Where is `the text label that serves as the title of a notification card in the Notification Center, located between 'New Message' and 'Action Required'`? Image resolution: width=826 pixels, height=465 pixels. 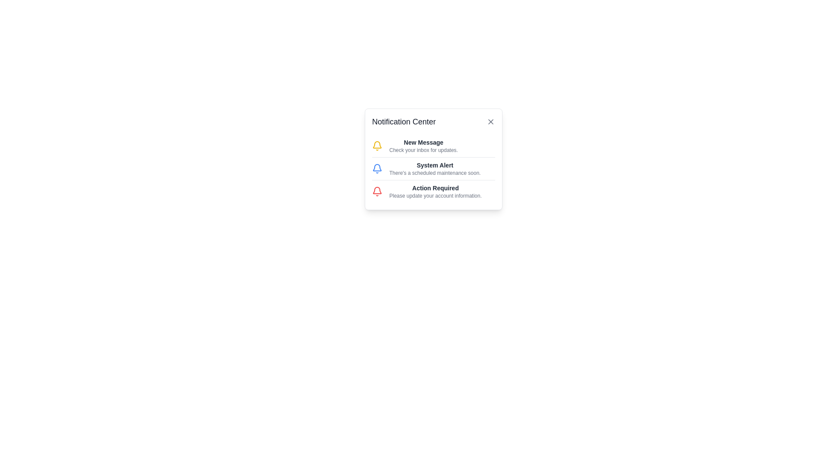 the text label that serves as the title of a notification card in the Notification Center, located between 'New Message' and 'Action Required' is located at coordinates (435, 165).